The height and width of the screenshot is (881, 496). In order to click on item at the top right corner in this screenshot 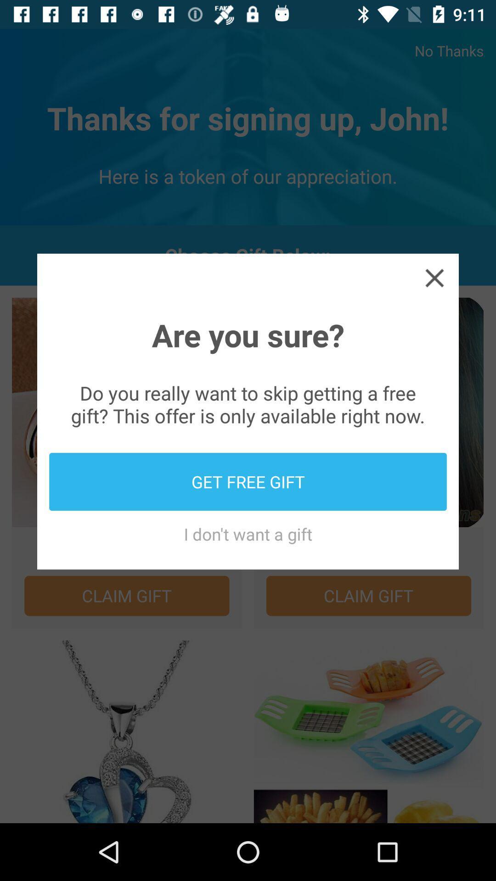, I will do `click(434, 277)`.